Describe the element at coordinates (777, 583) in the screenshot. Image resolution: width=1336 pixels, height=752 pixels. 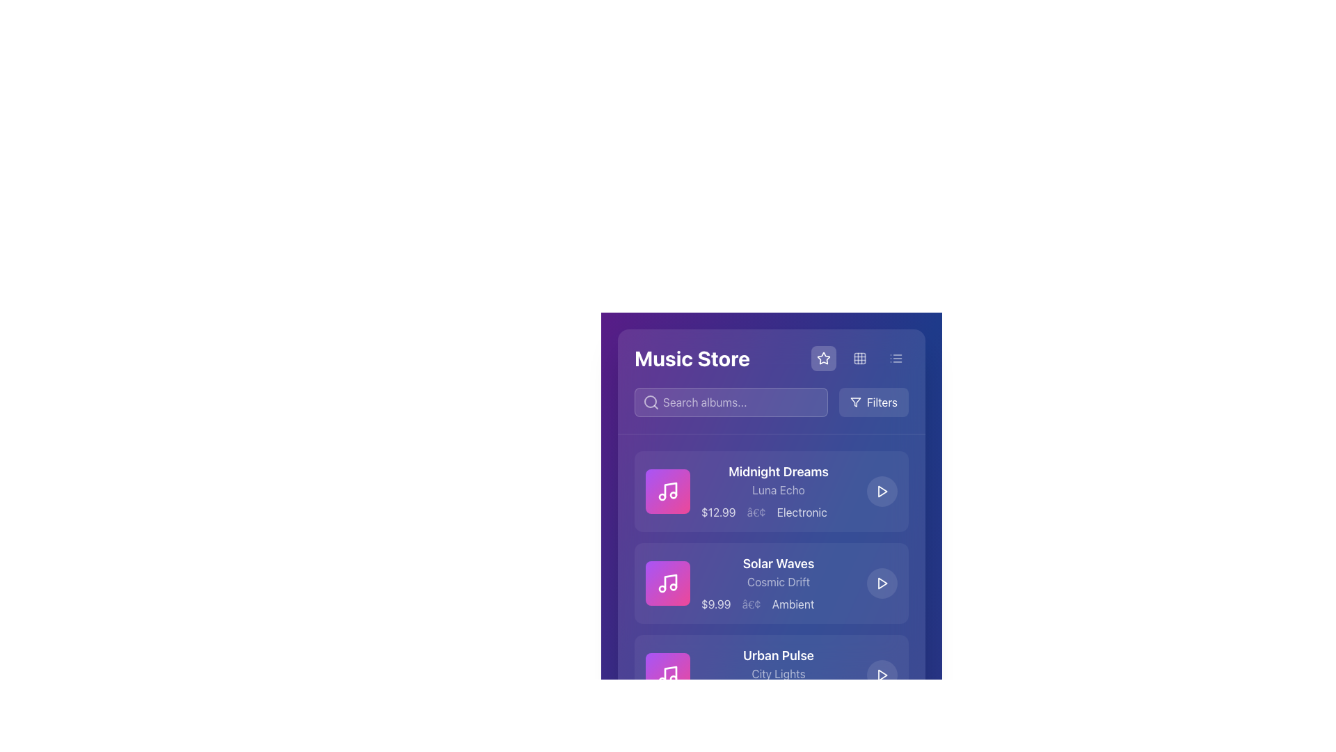
I see `text element displaying album metadata, which includes the title 'Solar Waves', subtitle 'Cosmic Drift', price '$9.99', and genre 'Ambient'` at that location.